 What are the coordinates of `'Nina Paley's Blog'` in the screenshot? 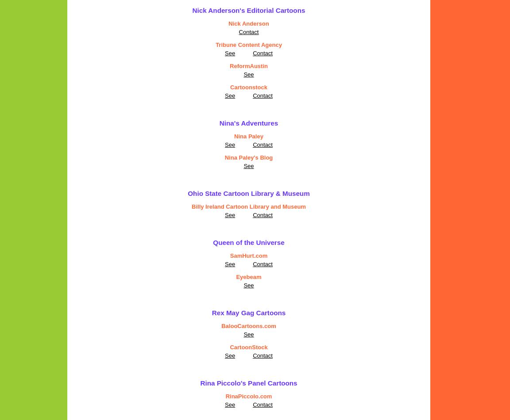 It's located at (248, 157).